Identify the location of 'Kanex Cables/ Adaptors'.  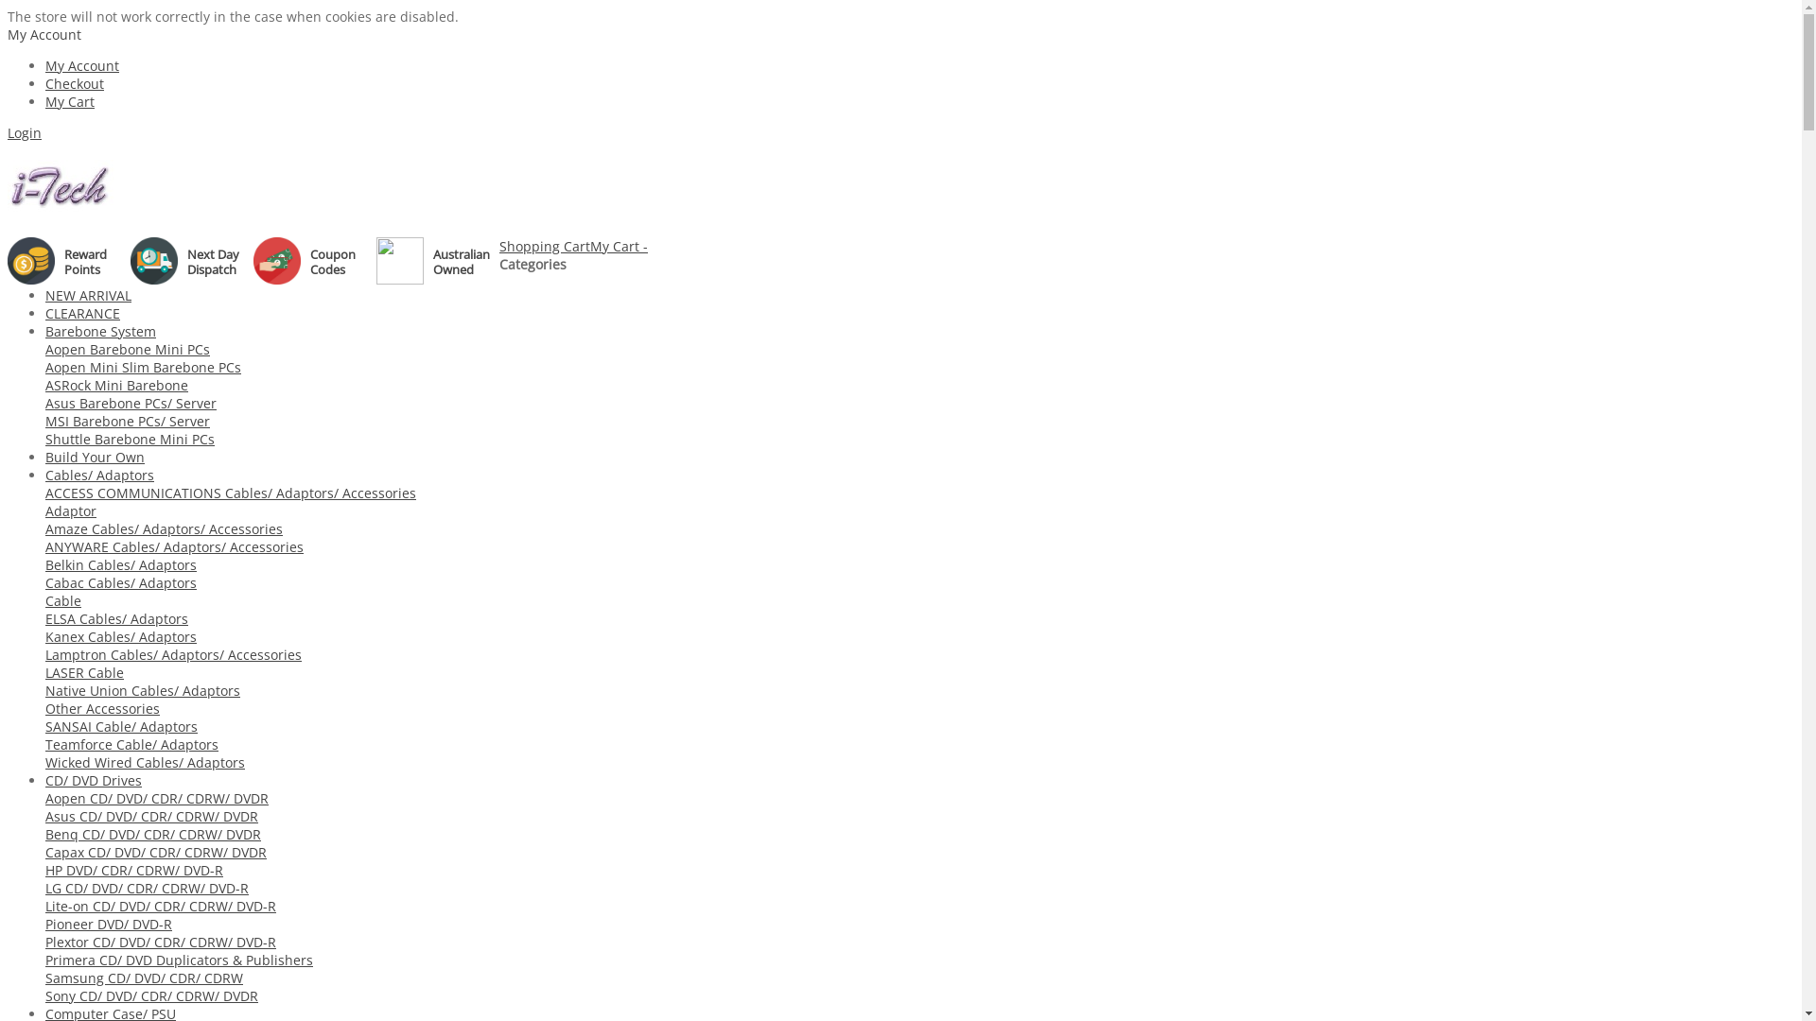
(120, 636).